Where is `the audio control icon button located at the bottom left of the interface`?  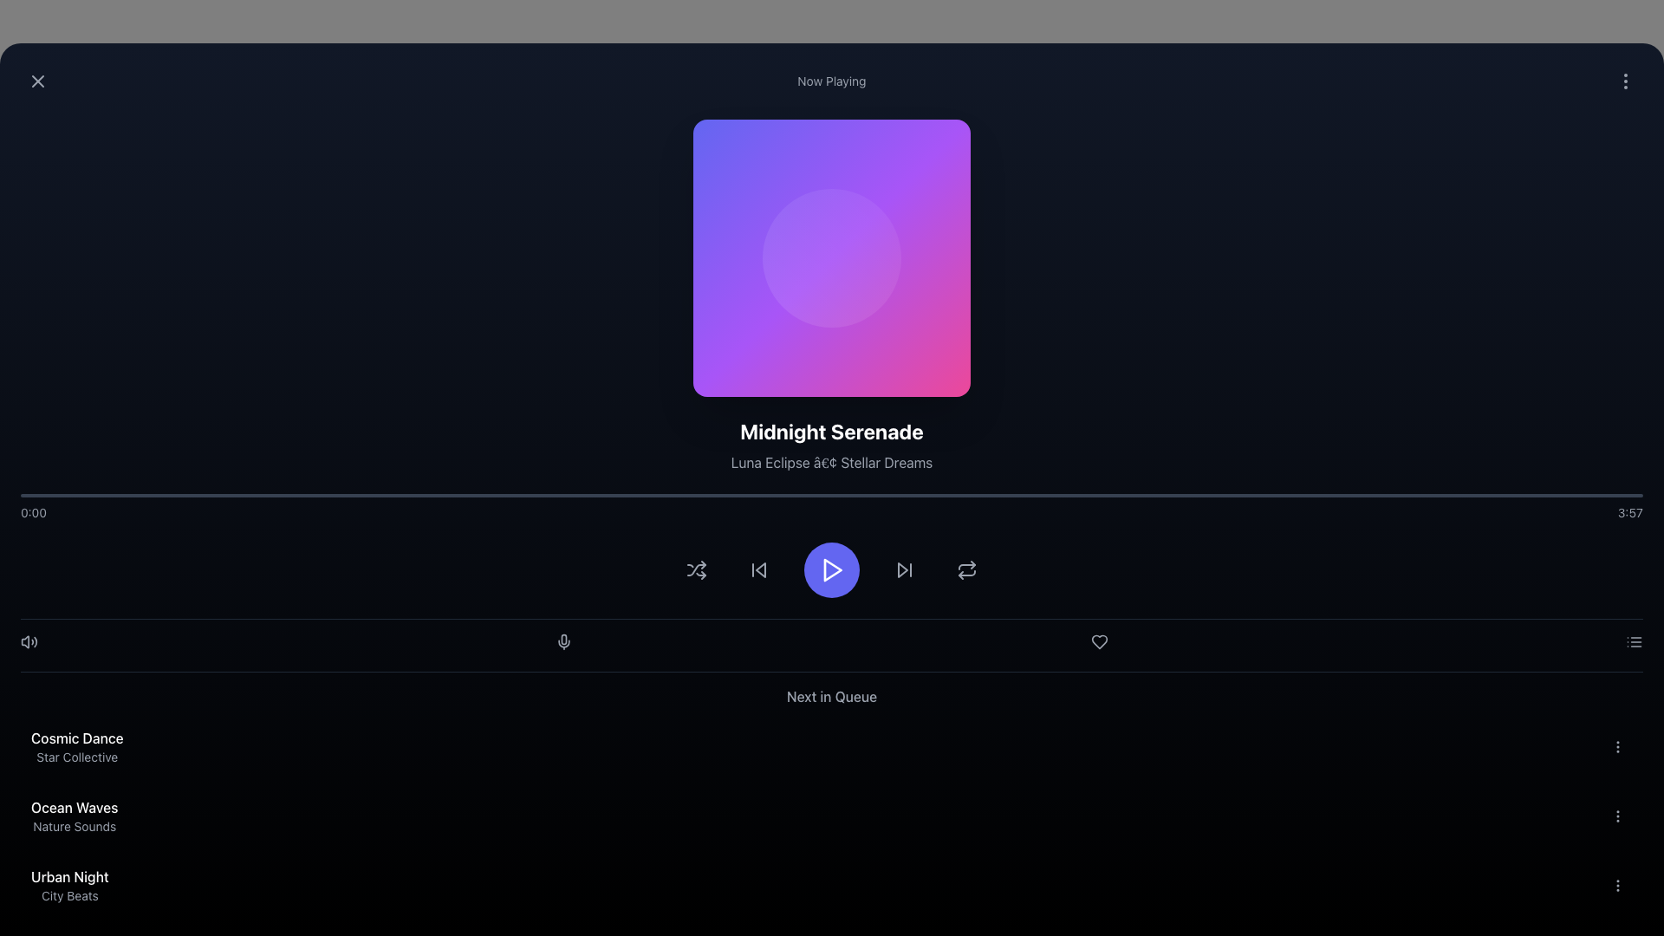
the audio control icon button located at the bottom left of the interface is located at coordinates (29, 641).